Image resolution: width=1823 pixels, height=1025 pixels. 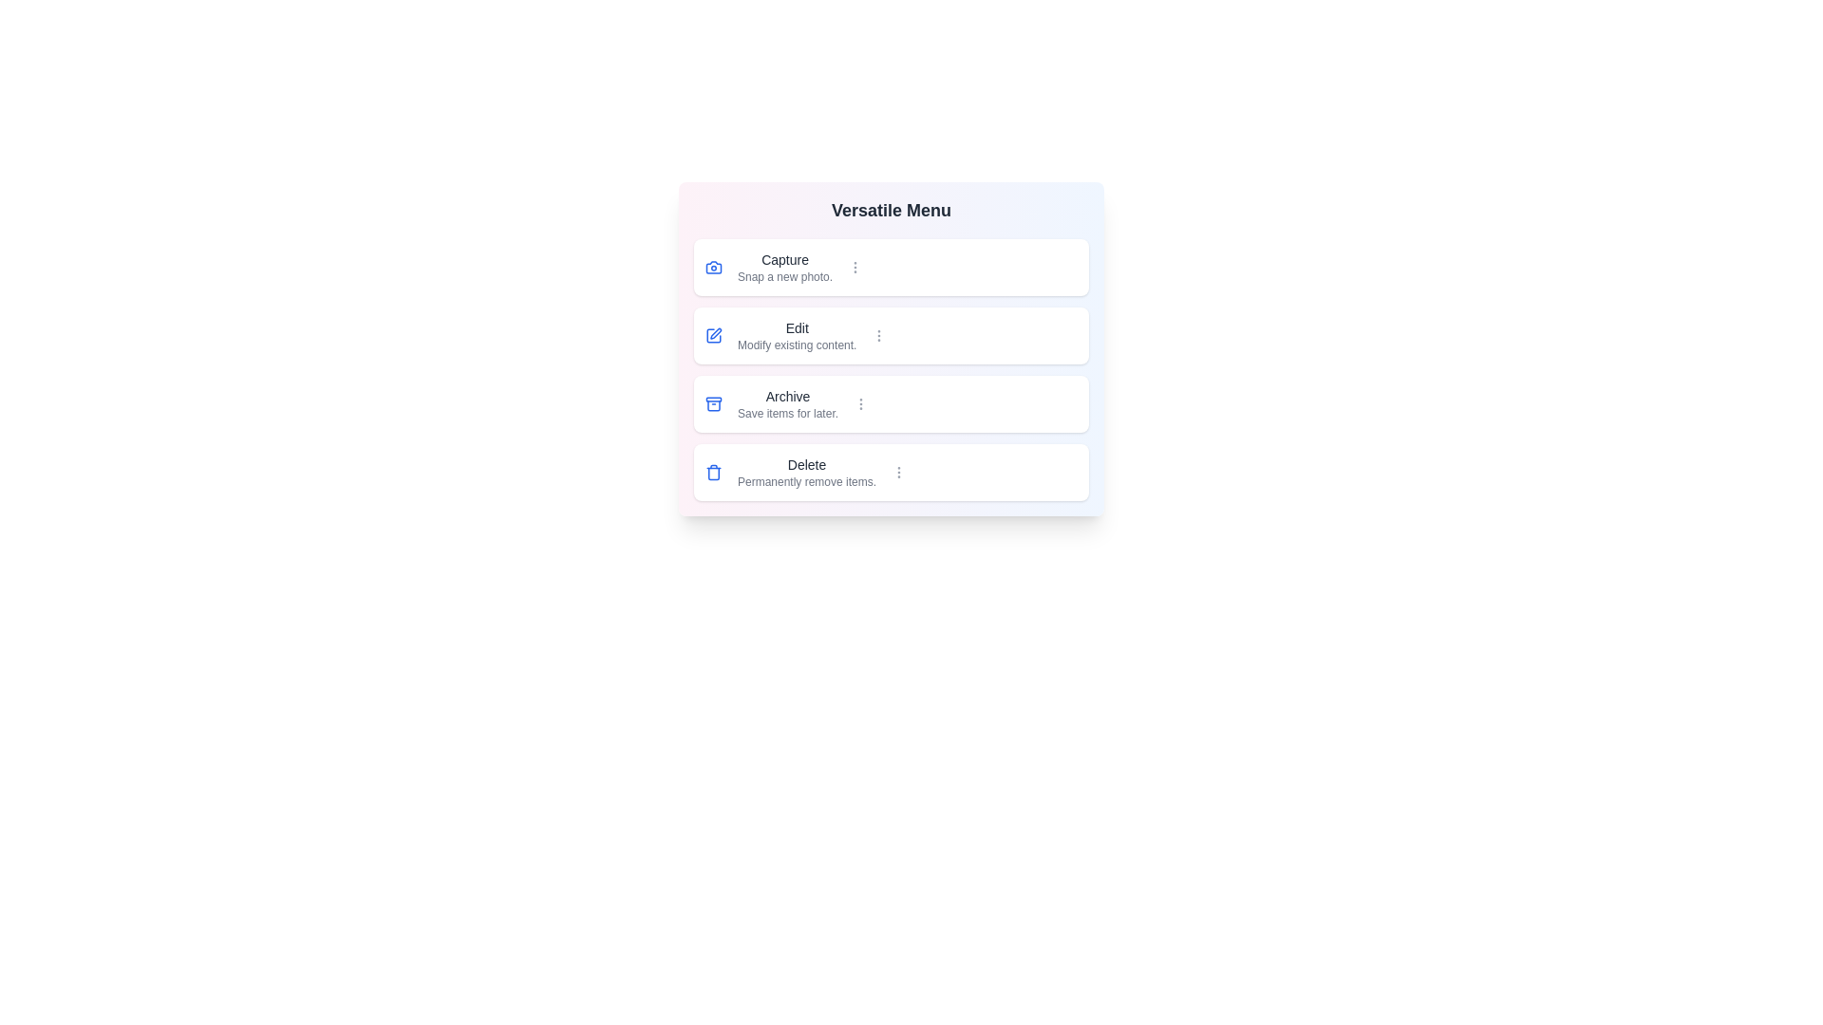 I want to click on the menu item labeled Delete to select it, so click(x=891, y=471).